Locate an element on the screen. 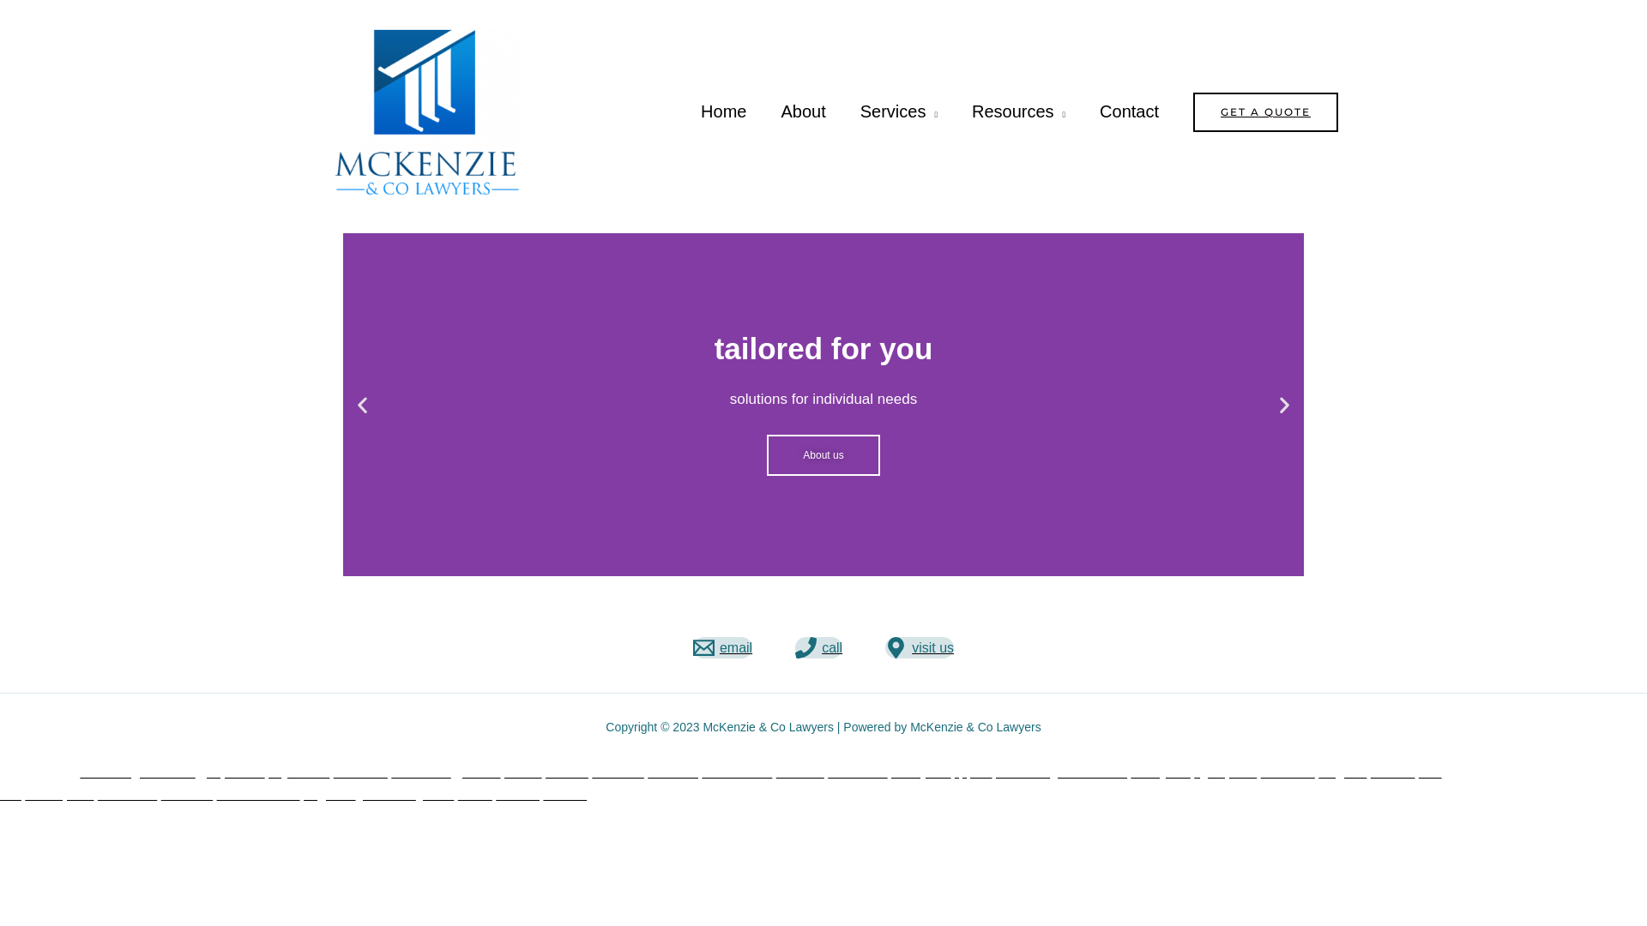  'About' is located at coordinates (802, 111).